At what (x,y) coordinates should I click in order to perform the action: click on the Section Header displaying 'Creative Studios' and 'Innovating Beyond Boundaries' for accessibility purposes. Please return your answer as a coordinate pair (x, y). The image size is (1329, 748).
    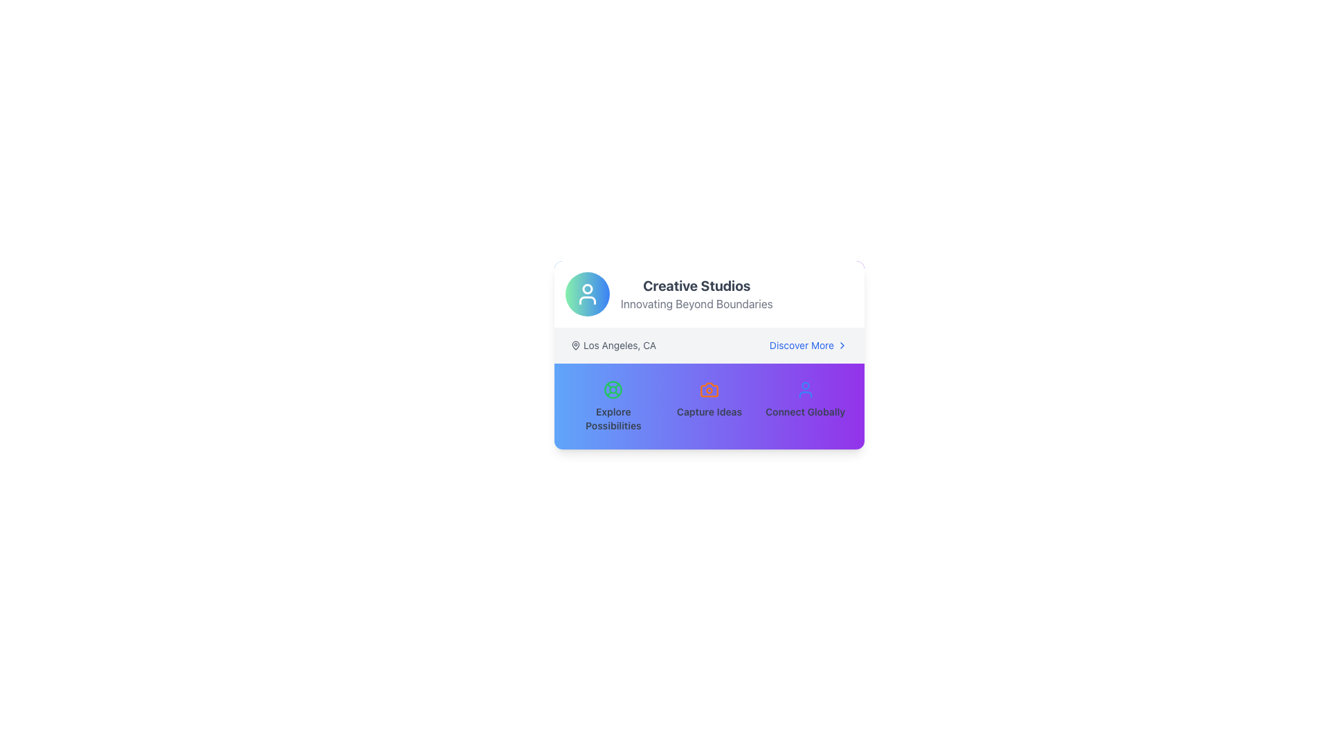
    Looking at the image, I should click on (709, 293).